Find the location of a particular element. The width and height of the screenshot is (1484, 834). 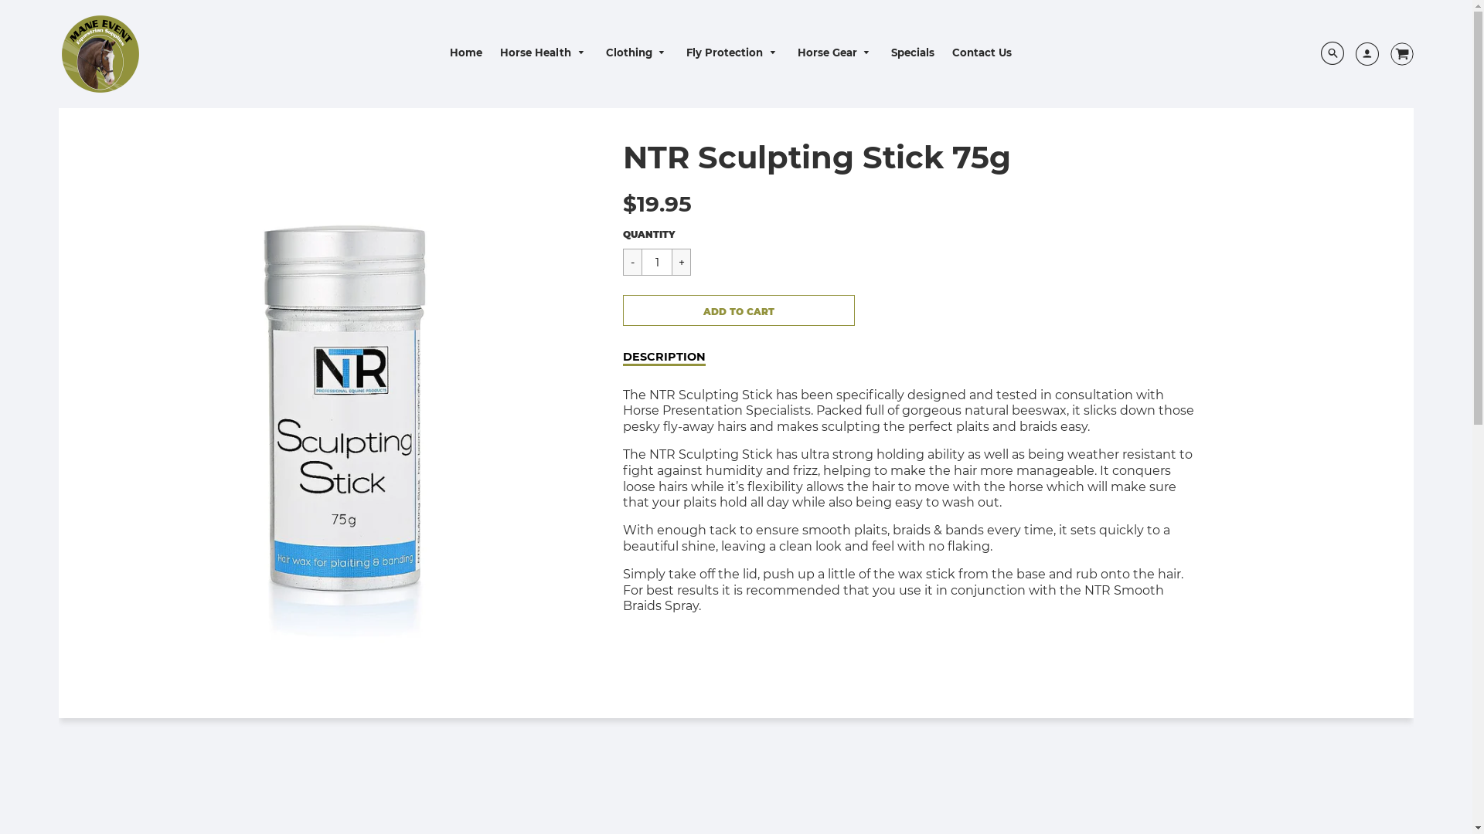

'CART ERROR is located at coordinates (737, 310).